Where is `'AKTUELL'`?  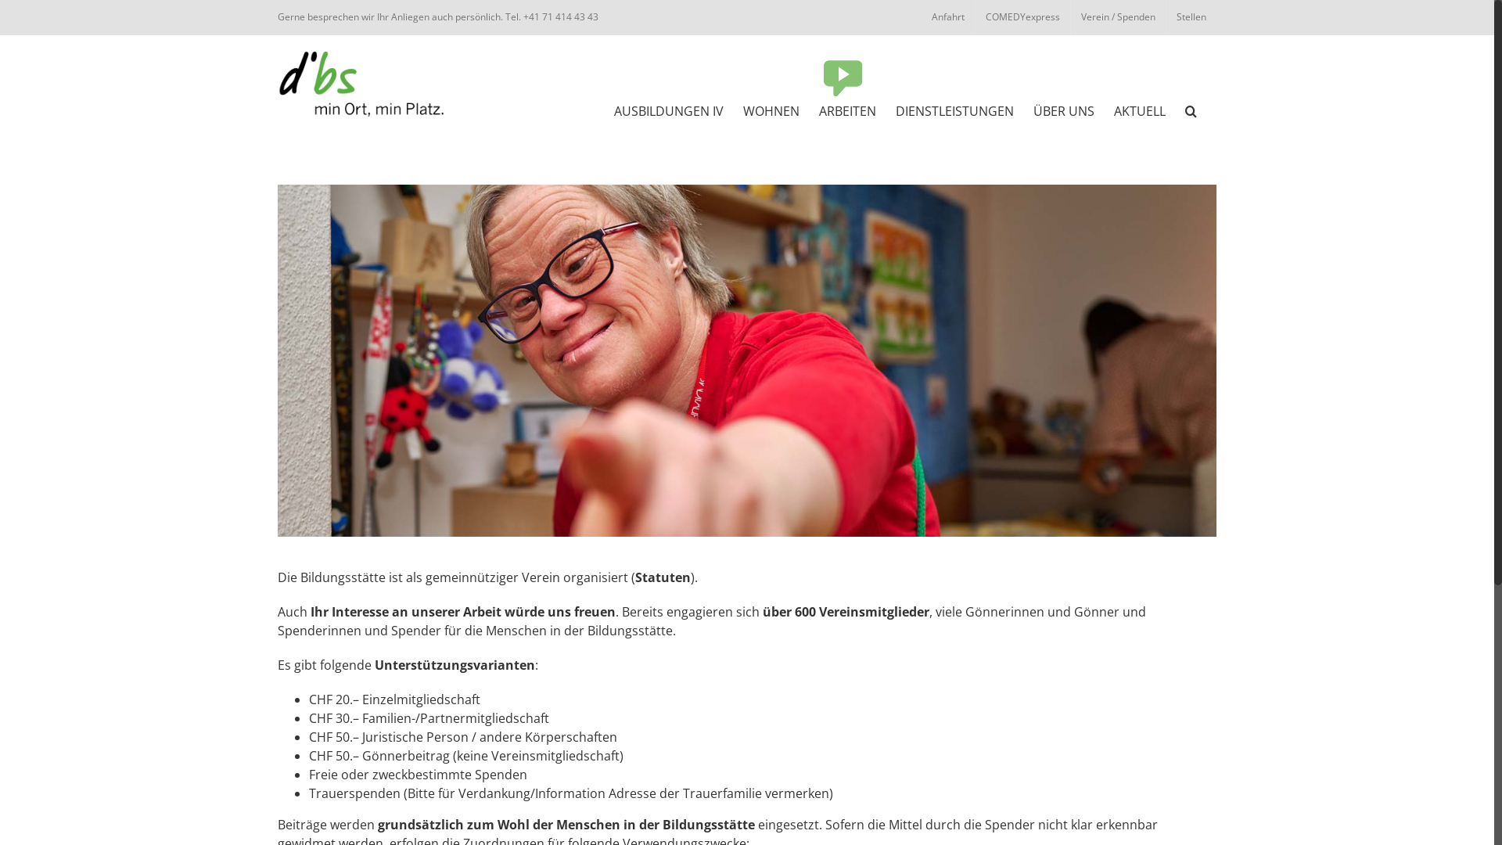 'AKTUELL' is located at coordinates (1140, 108).